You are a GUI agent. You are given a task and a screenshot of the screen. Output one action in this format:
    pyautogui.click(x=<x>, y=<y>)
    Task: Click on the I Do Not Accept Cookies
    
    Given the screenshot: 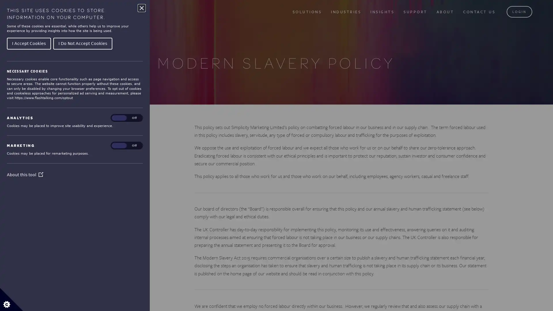 What is the action you would take?
    pyautogui.click(x=82, y=43)
    